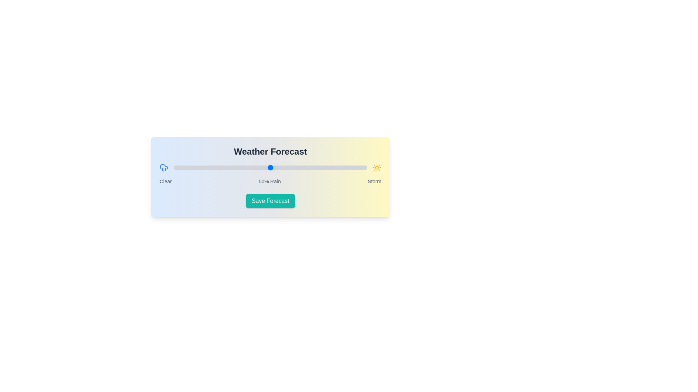  What do you see at coordinates (339, 168) in the screenshot?
I see `the slider to set the rain probability to 86%` at bounding box center [339, 168].